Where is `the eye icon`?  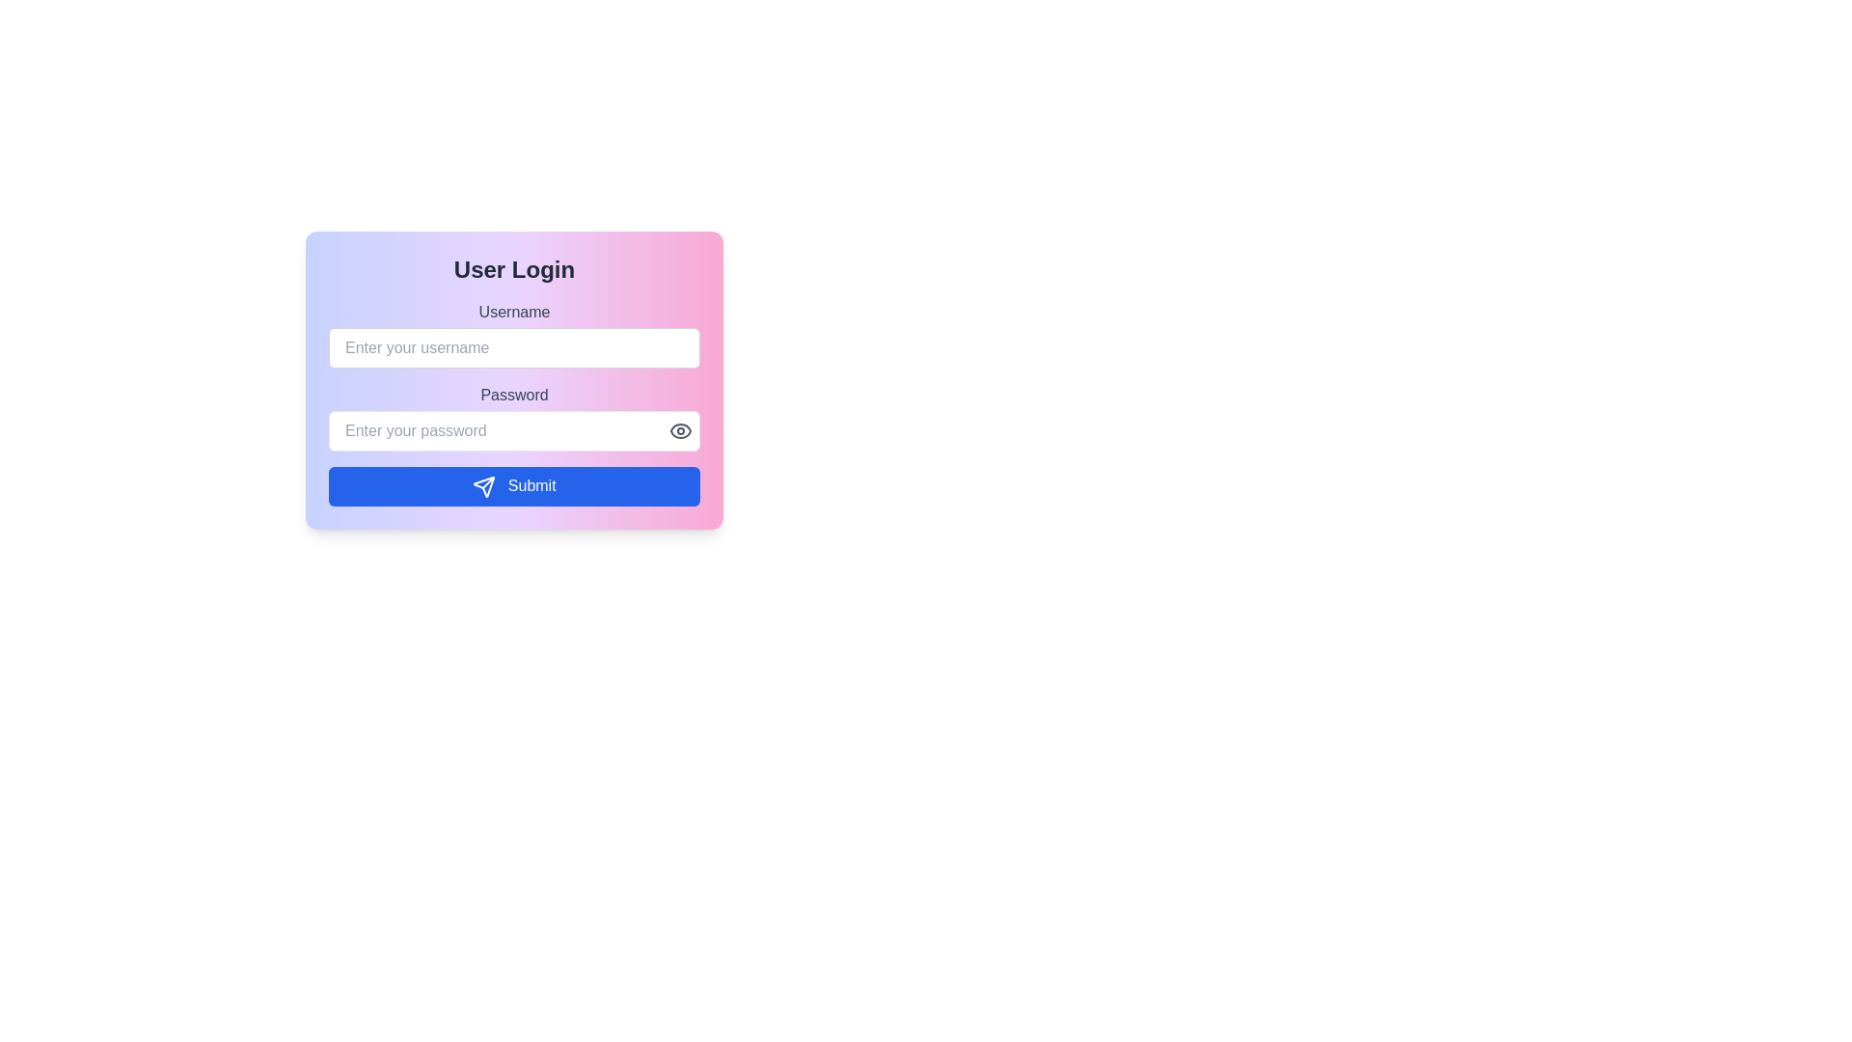 the eye icon is located at coordinates (514, 416).